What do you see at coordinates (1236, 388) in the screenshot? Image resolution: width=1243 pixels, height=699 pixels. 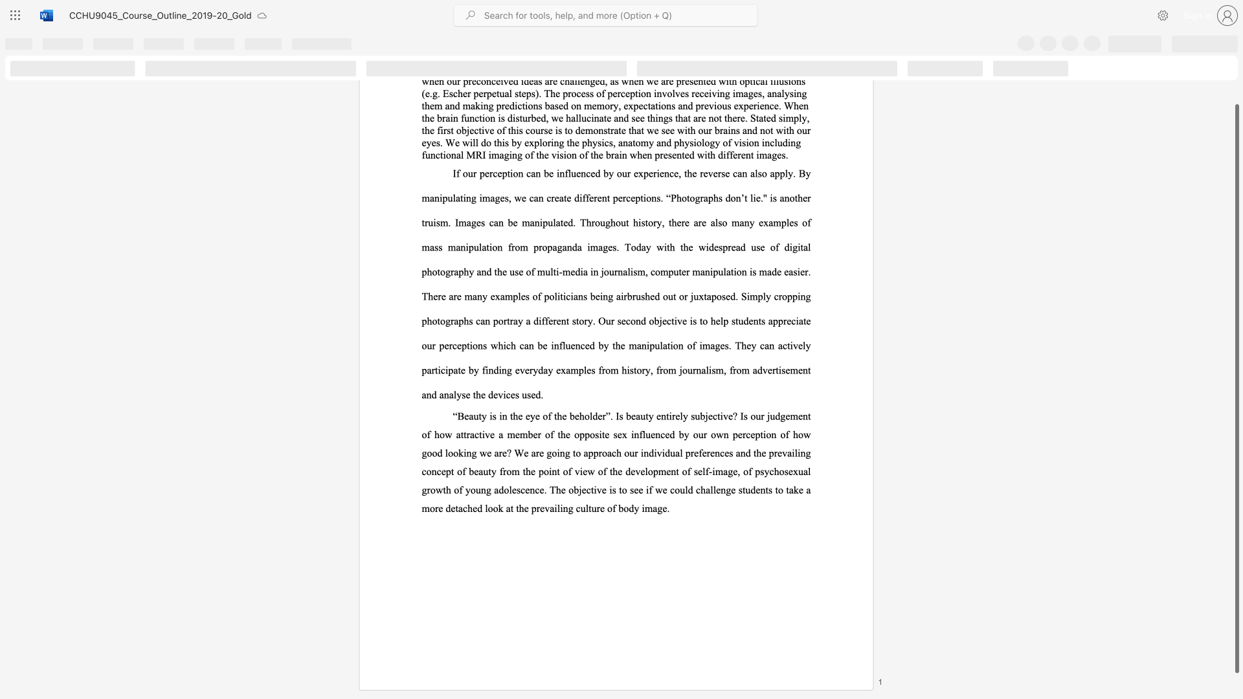 I see `the scrollbar and move down 10 pixels` at bounding box center [1236, 388].